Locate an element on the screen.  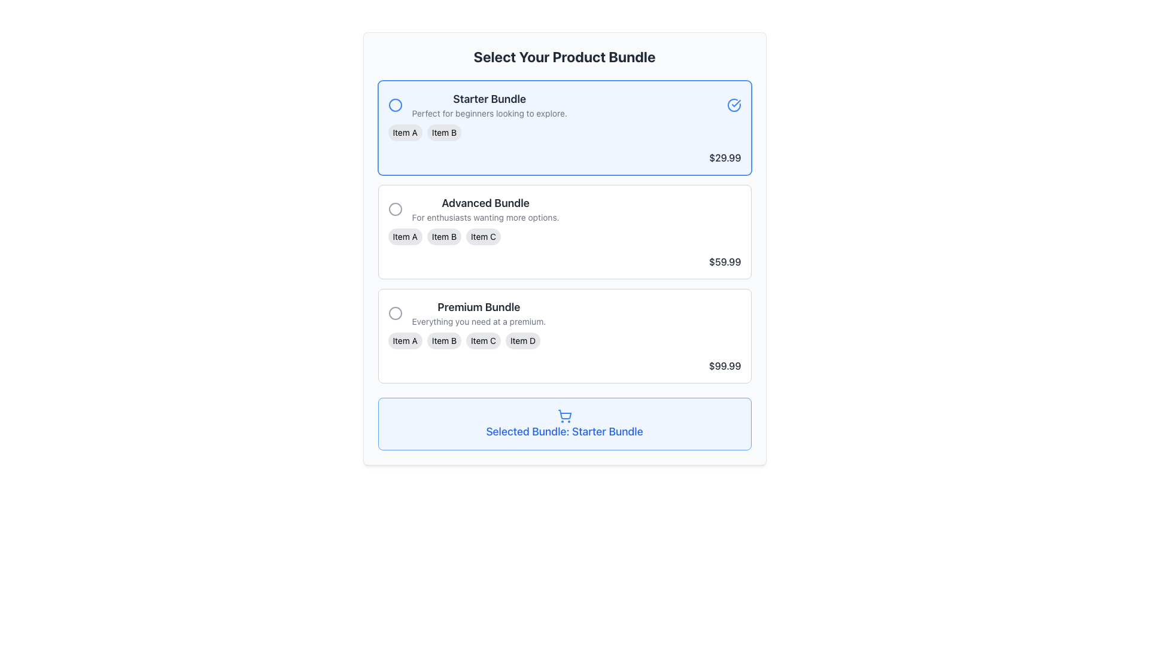
the second button-like tag or label indicating a selectable item in the 'Starter Bundle' section is located at coordinates (443, 133).